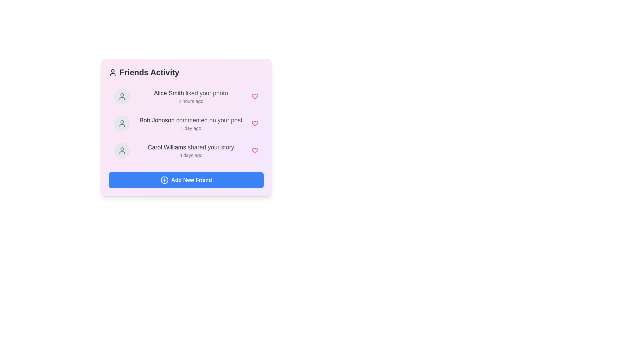 This screenshot has width=641, height=361. Describe the element at coordinates (254, 97) in the screenshot. I see `the heart icon next to the activity of Alice Smith to like it` at that location.